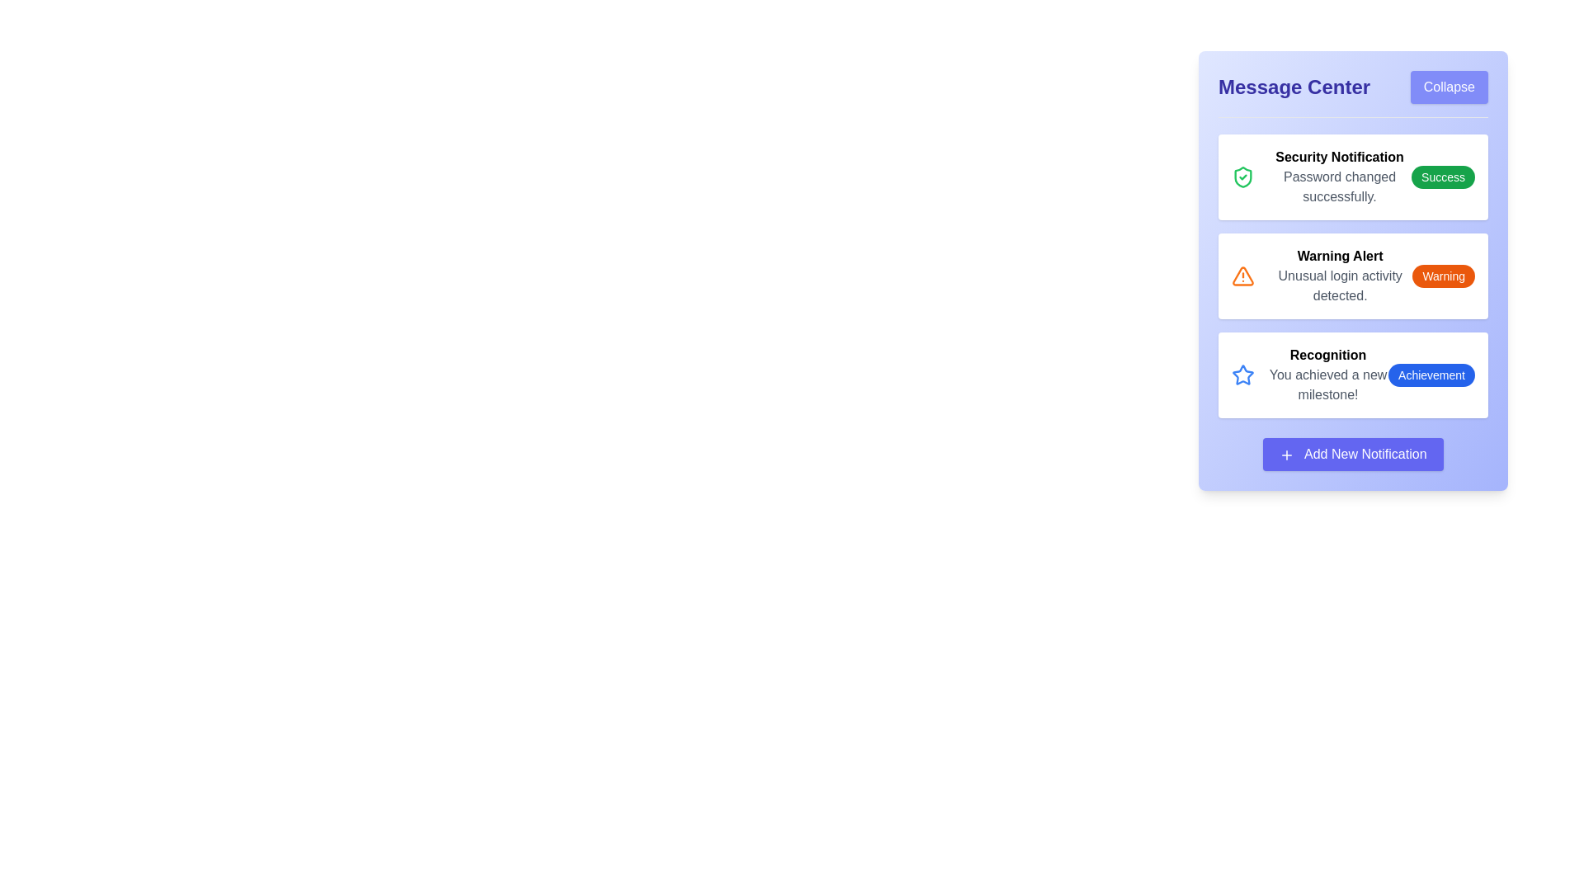  What do you see at coordinates (1328, 384) in the screenshot?
I see `congratulatory message text located at the bottom of the 'Recognition' notification card in the 'Message Center'` at bounding box center [1328, 384].